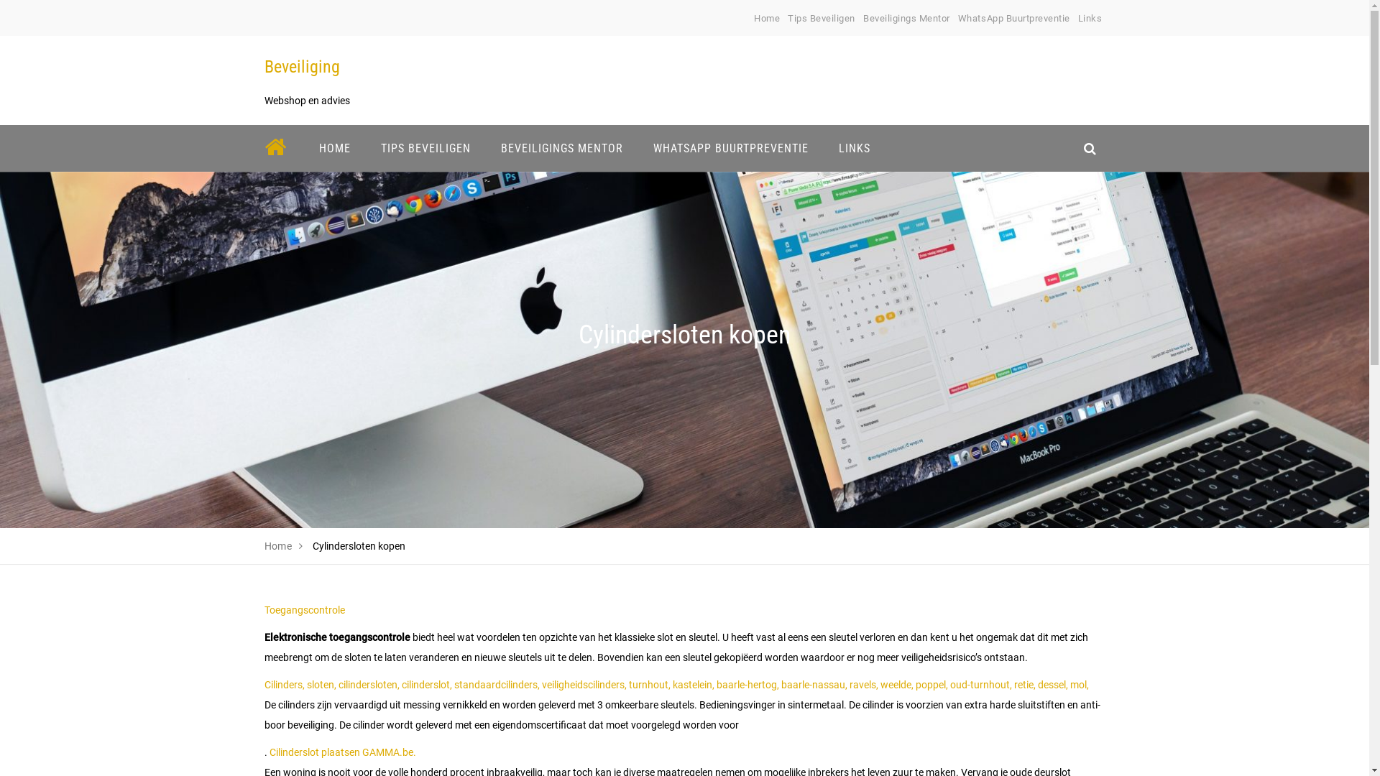  I want to click on 'Home', so click(753, 18).